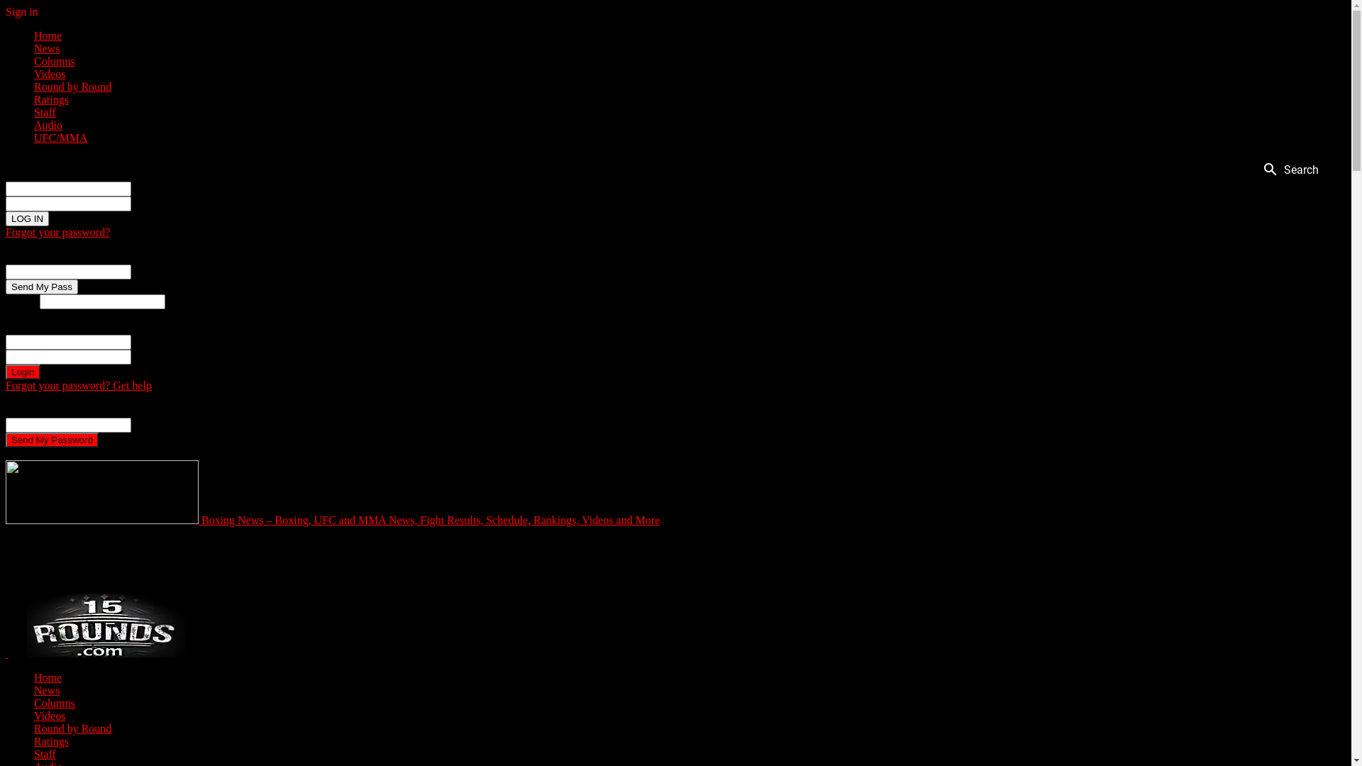 The height and width of the screenshot is (766, 1362). Describe the element at coordinates (47, 689) in the screenshot. I see `'News'` at that location.